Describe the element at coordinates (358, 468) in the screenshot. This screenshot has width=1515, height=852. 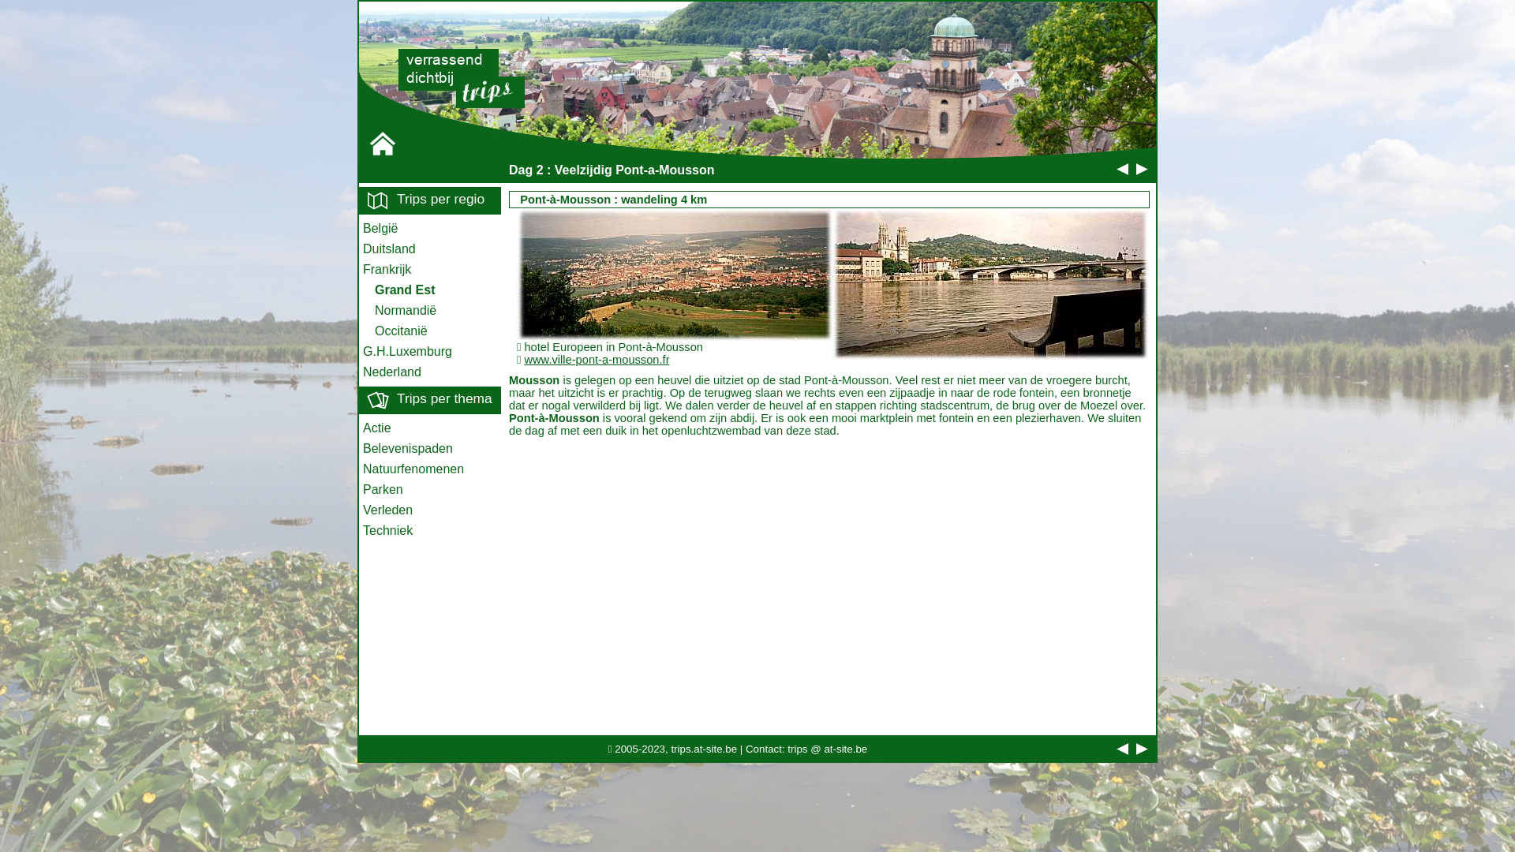
I see `'Natuurfenomenen'` at that location.